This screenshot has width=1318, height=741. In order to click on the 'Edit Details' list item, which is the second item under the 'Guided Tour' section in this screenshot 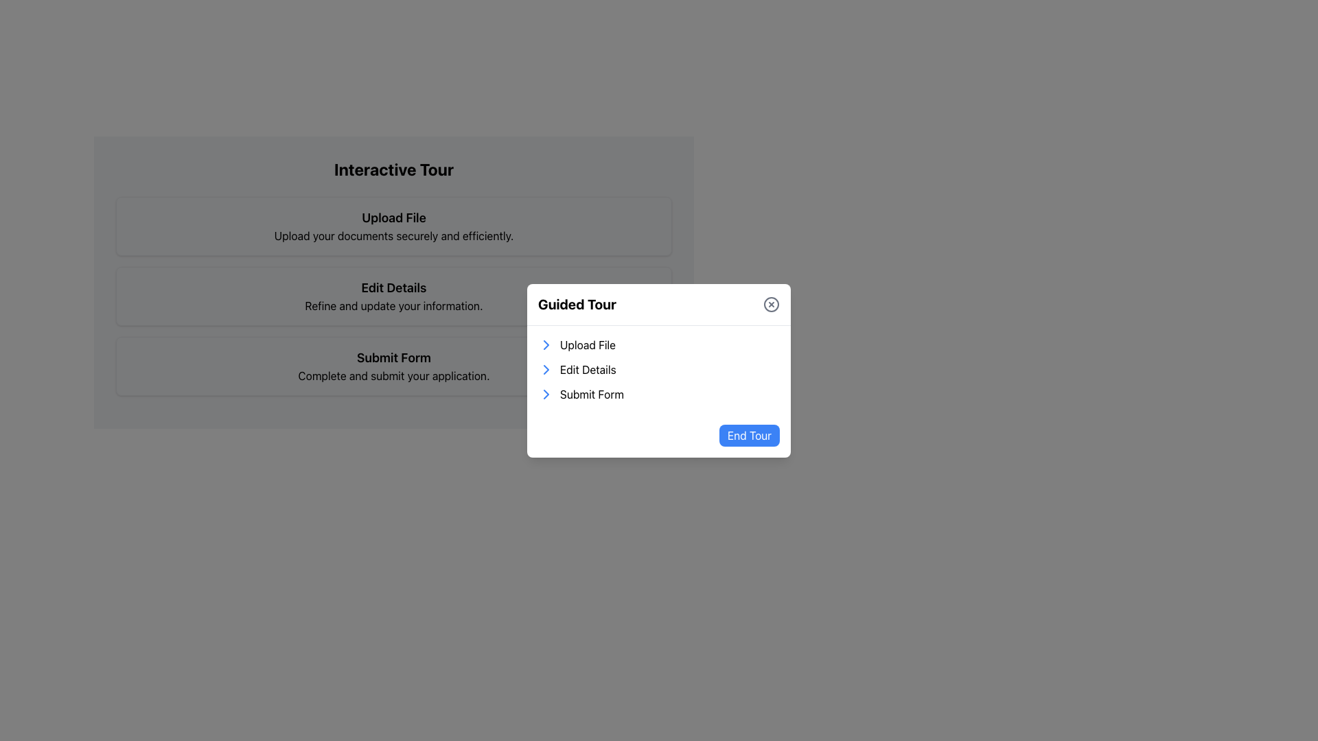, I will do `click(659, 368)`.